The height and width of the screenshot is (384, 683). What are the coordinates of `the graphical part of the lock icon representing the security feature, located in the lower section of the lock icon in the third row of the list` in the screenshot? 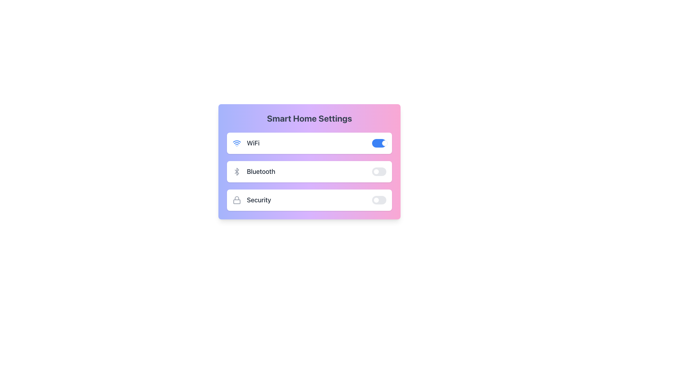 It's located at (237, 202).